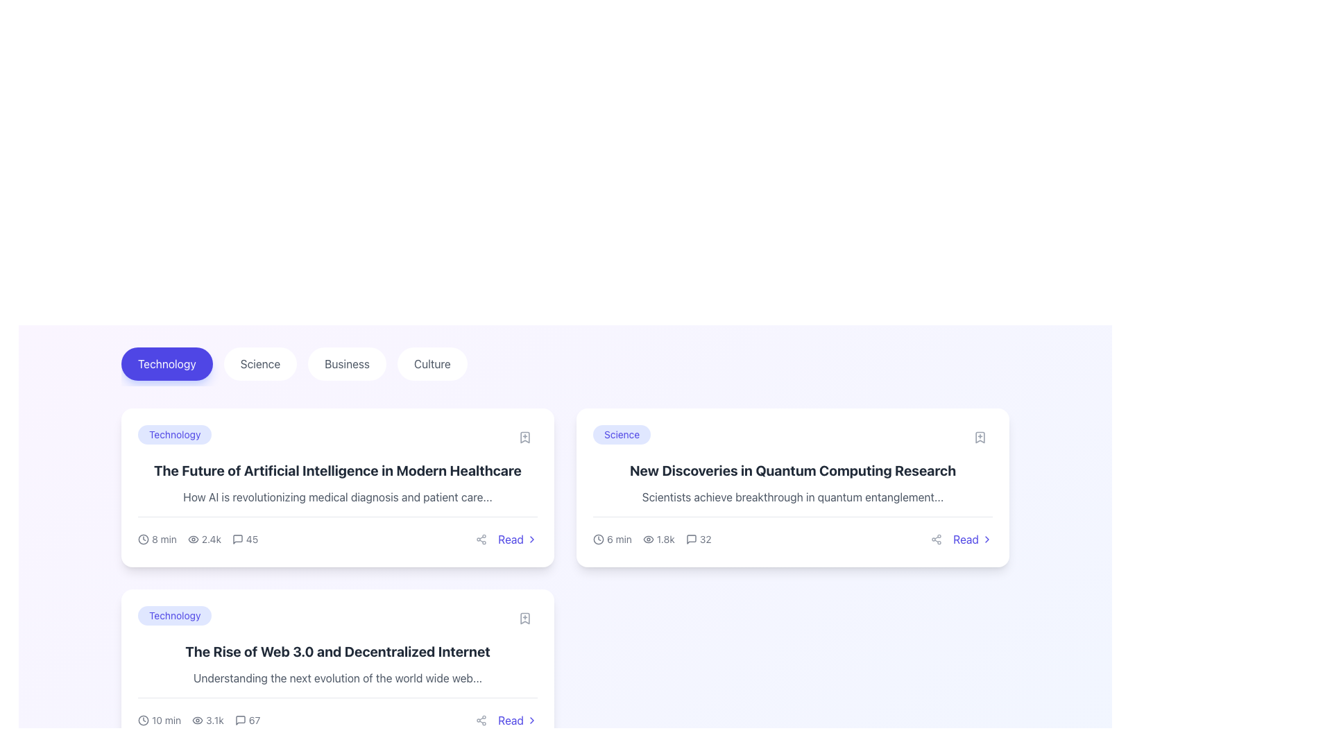  What do you see at coordinates (240, 719) in the screenshot?
I see `the speech bubble icon which represents comment or message functionality, located at the bottom right of the page` at bounding box center [240, 719].